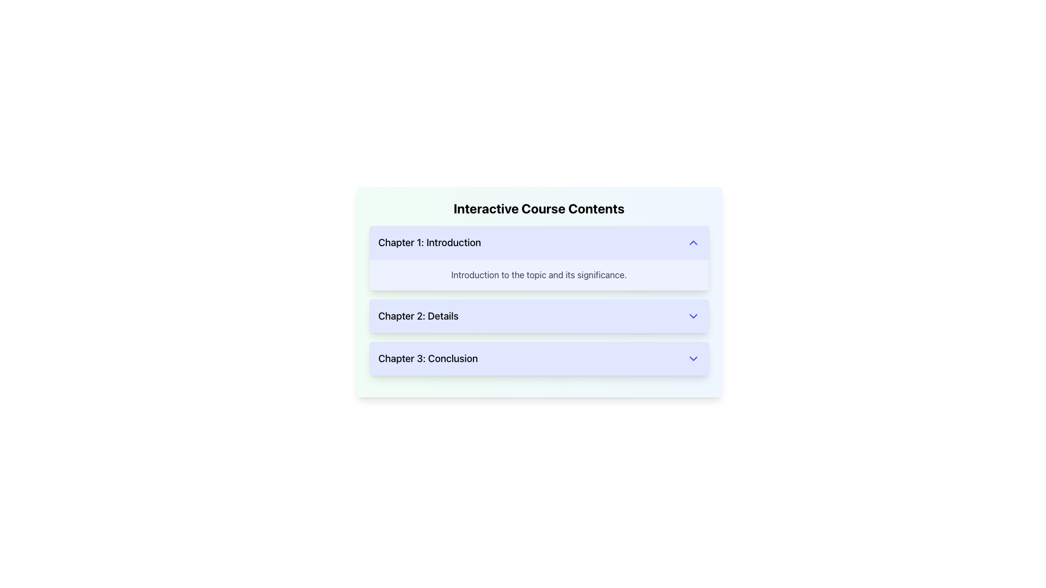 The image size is (1046, 588). I want to click on the 'Chapter 3: Conclusion' button with a lavender background, so click(539, 359).